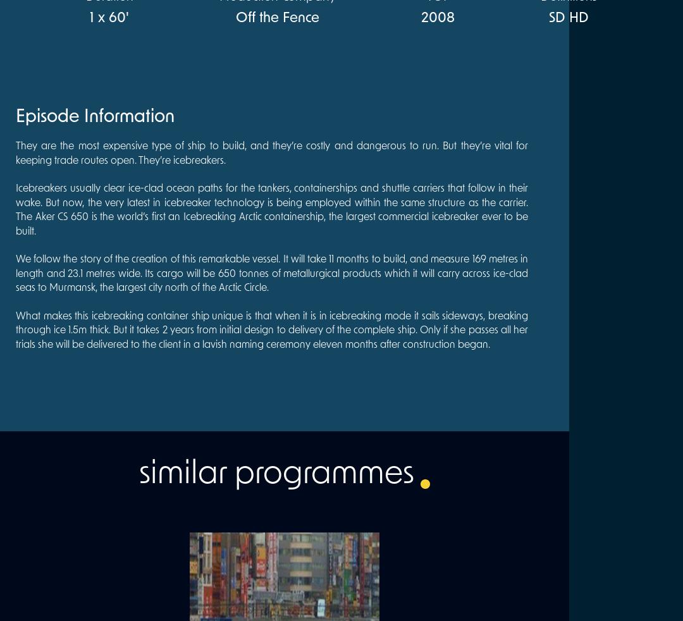 The image size is (683, 621). Describe the element at coordinates (271, 153) in the screenshot. I see `'They are the most expensive type of ship to build, and they’re costly and dangerous to run. But they’re vital for keeping trade routes open. They’re icebreakers.'` at that location.